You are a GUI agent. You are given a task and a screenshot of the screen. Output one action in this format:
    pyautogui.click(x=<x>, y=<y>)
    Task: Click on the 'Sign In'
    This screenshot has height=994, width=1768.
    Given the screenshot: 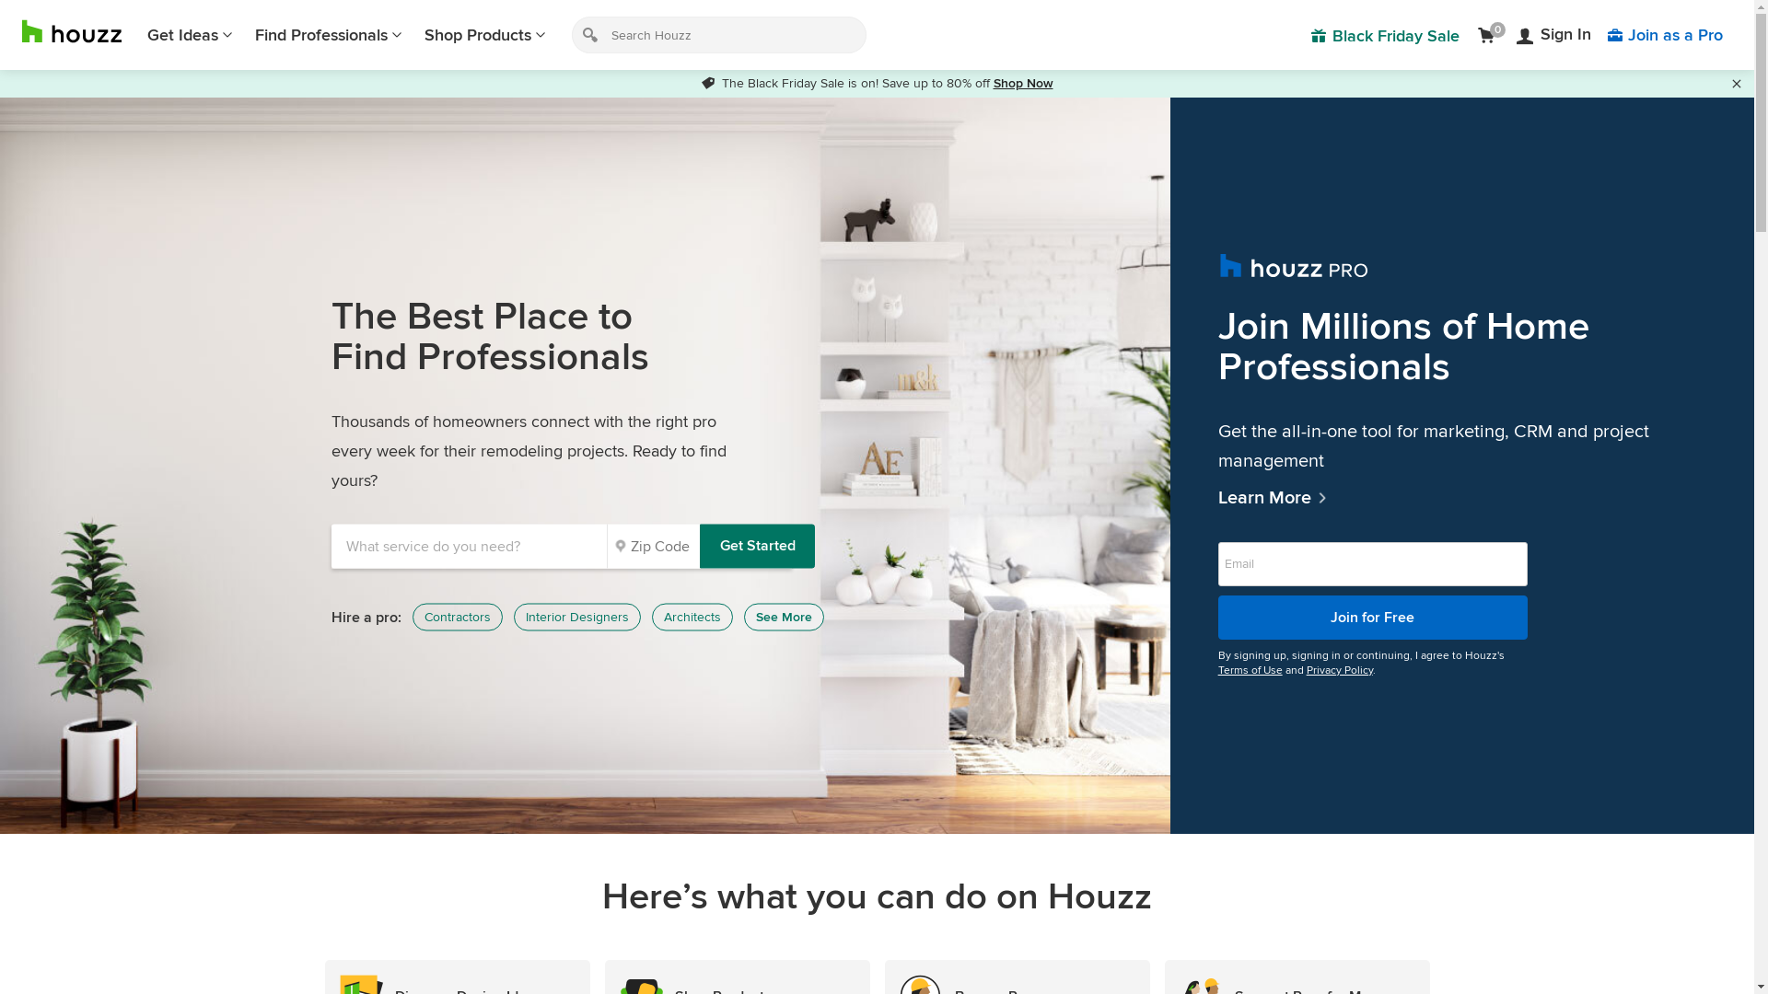 What is the action you would take?
    pyautogui.click(x=1553, y=34)
    